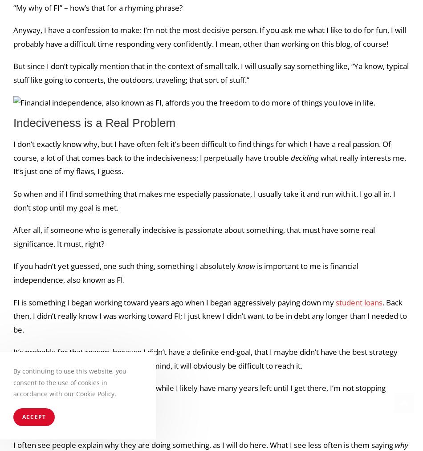  What do you see at coordinates (199, 394) in the screenshot?
I see `'That said, FI is very important to me. And while I likely have many years left until I get there, I’m not stopping before I do.'` at bounding box center [199, 394].